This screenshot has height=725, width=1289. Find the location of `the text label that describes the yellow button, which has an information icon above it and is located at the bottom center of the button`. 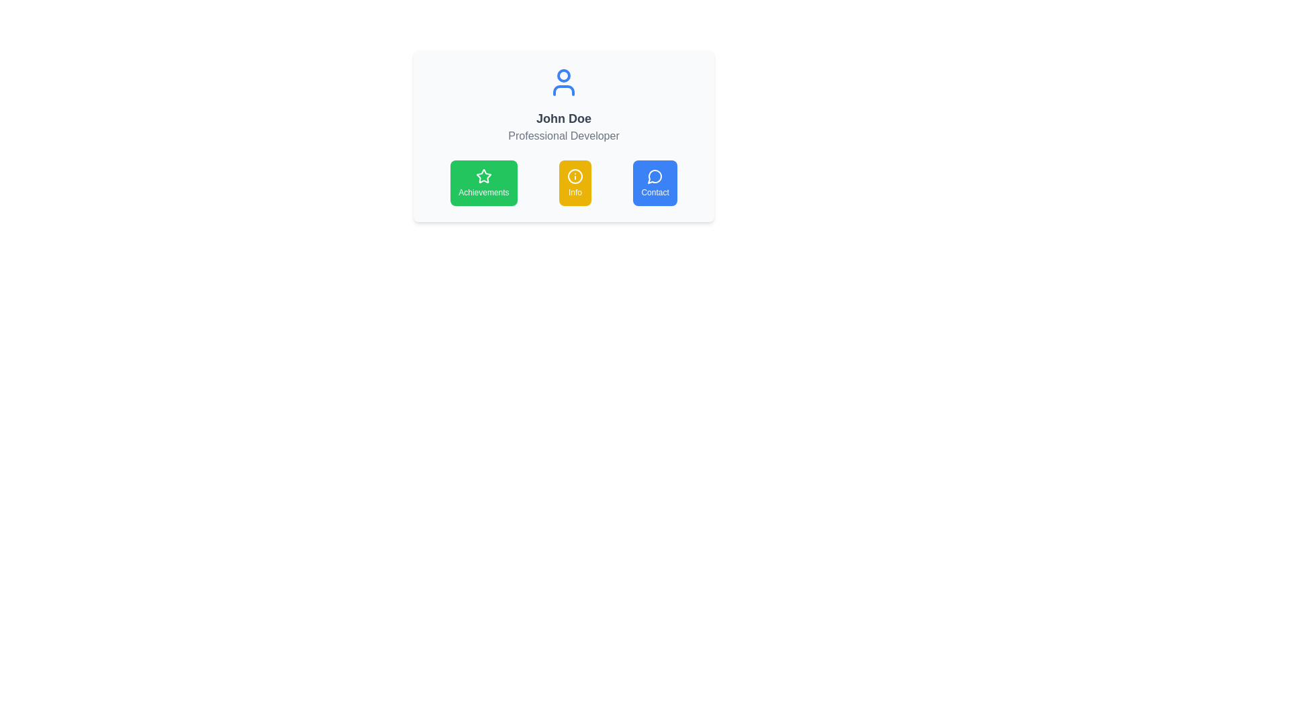

the text label that describes the yellow button, which has an information icon above it and is located at the bottom center of the button is located at coordinates (575, 192).